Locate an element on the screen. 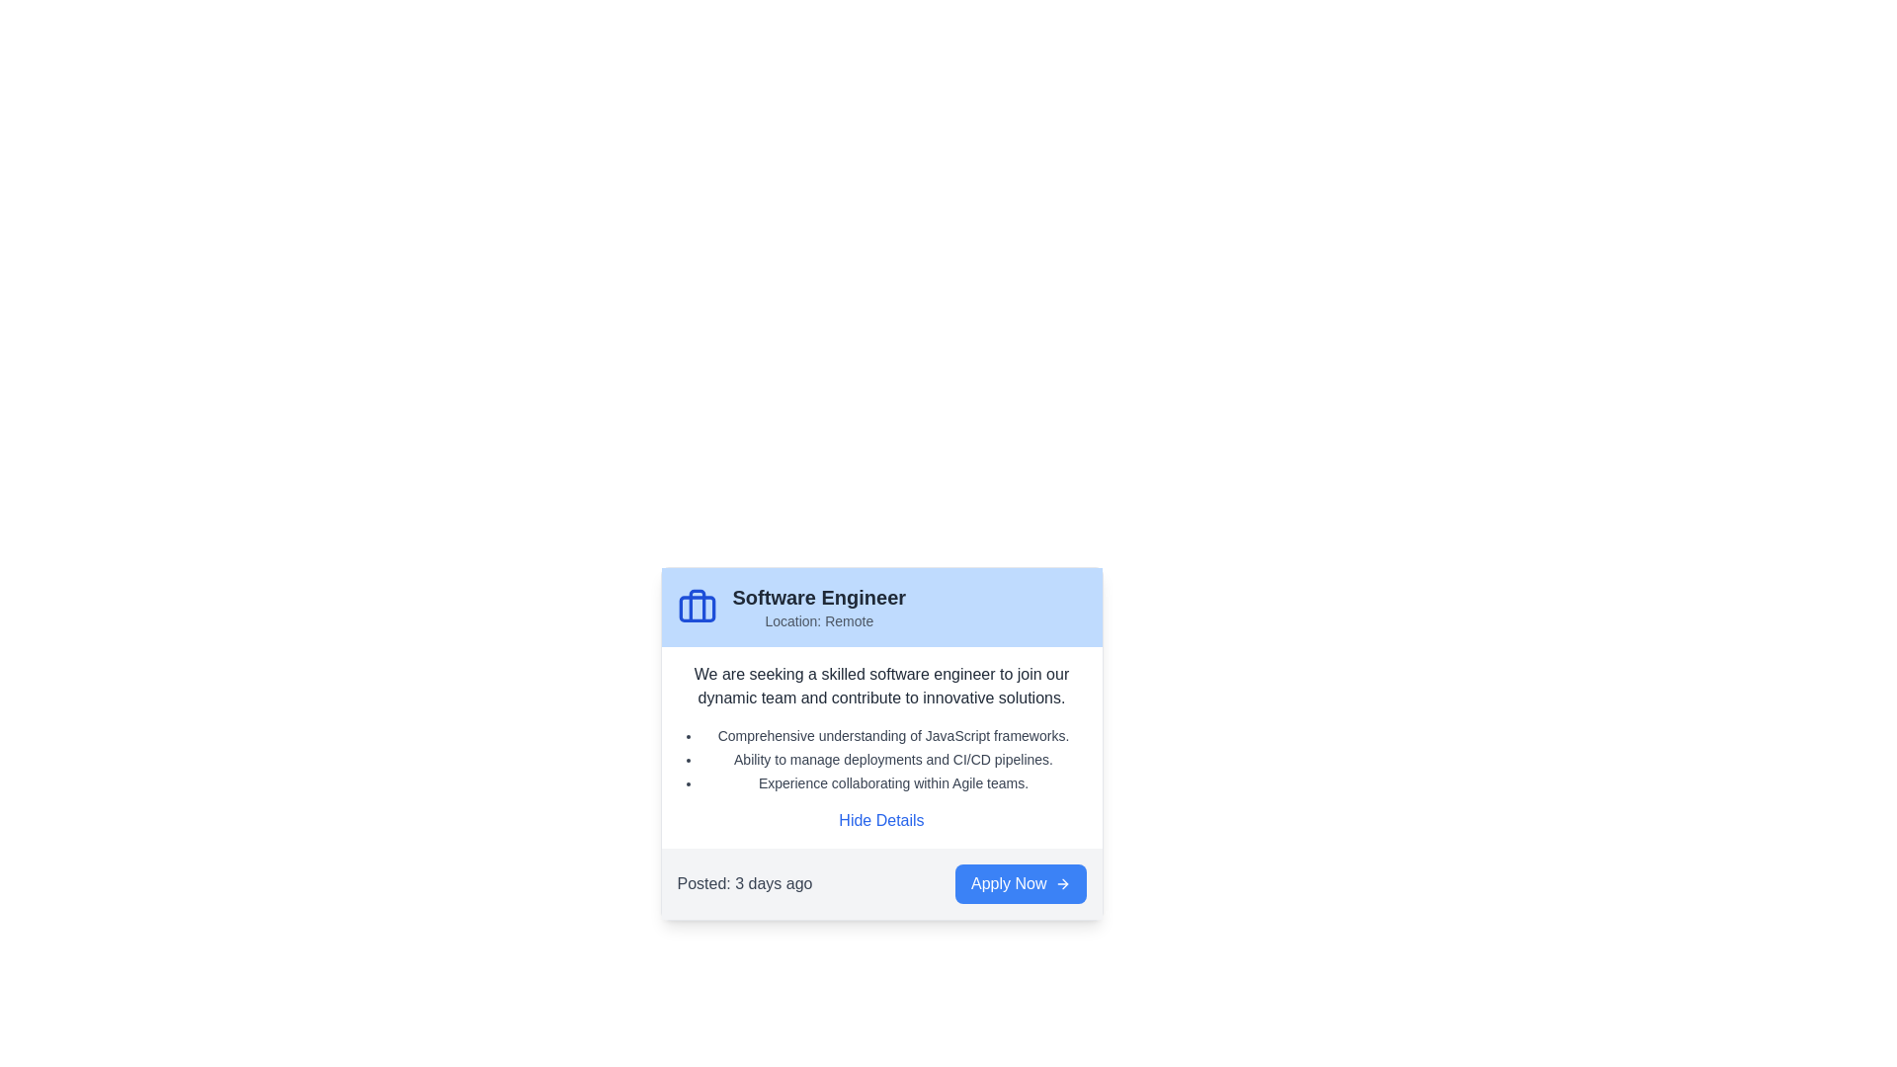 The width and height of the screenshot is (1897, 1067). the 'Apply Now' button, which is styled with white text on a blue background and located in the bottom-right corner of a grey bar under the job details is located at coordinates (1021, 882).